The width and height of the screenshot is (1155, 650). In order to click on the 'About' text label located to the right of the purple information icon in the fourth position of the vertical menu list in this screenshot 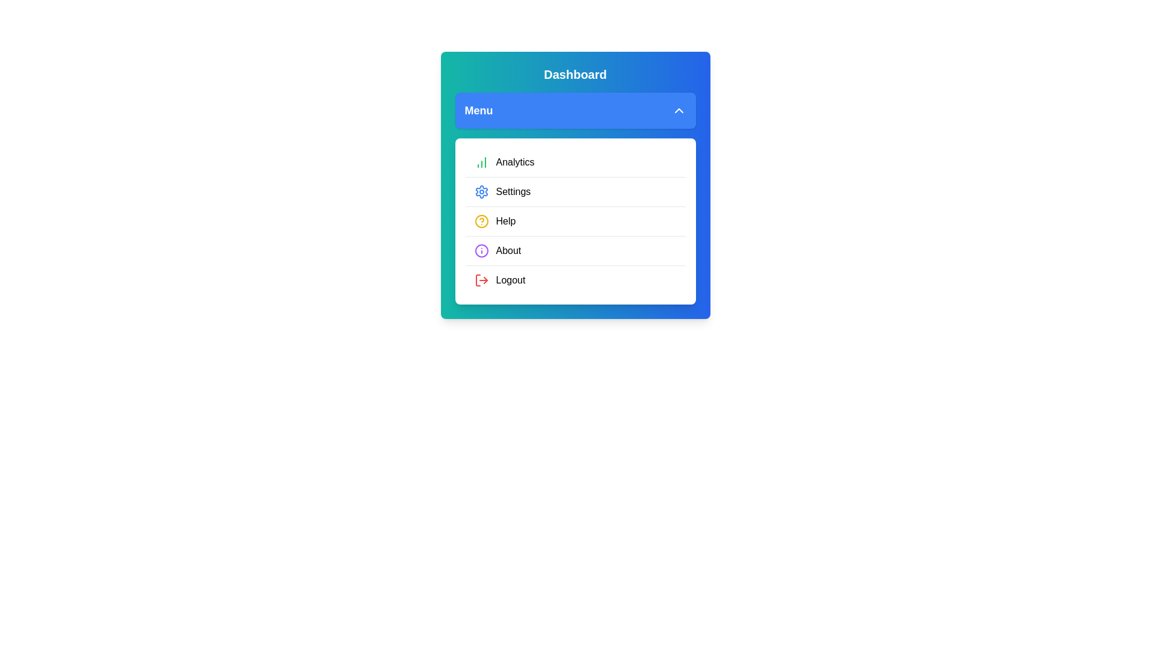, I will do `click(508, 250)`.